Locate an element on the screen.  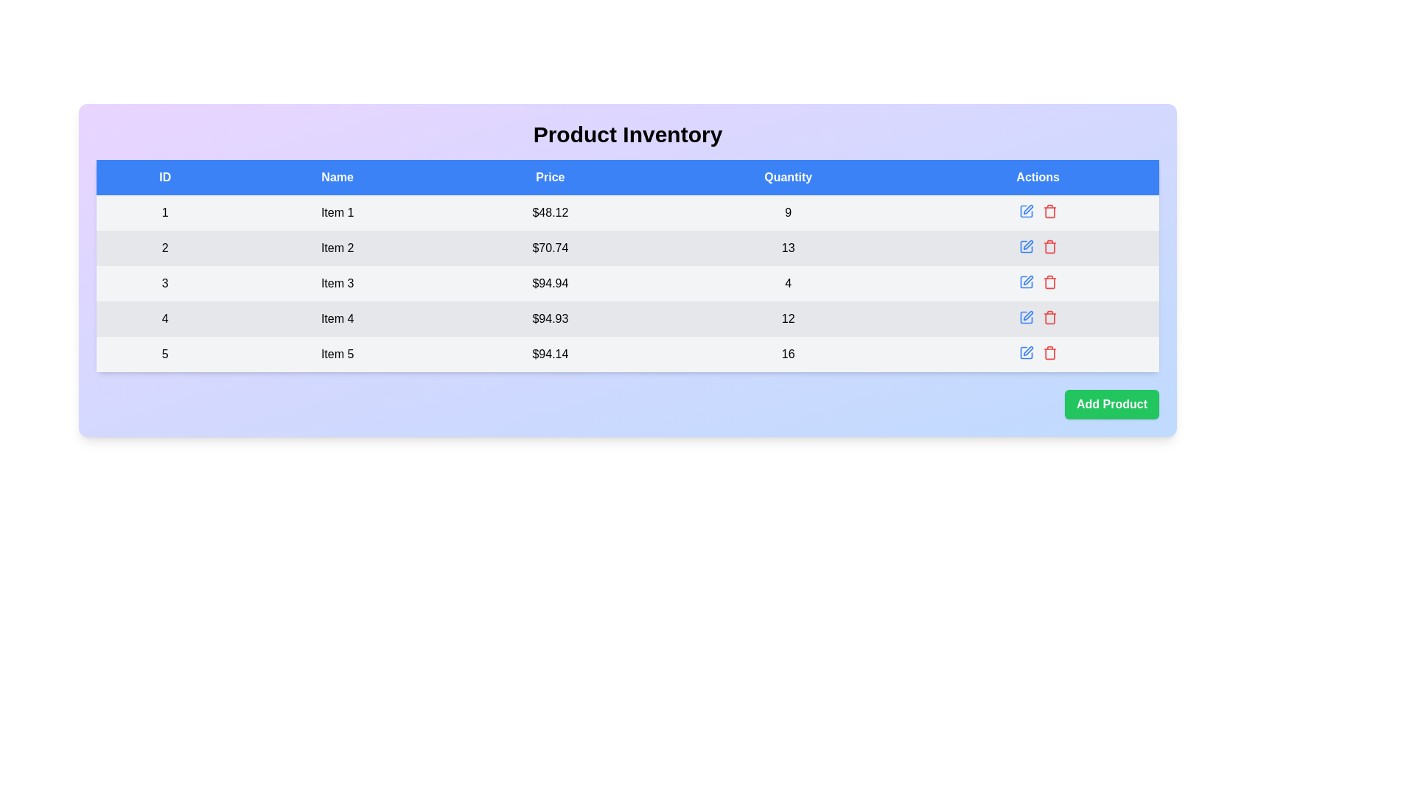
the text display showing the value '$48.12' in the 'Price' column of the data table is located at coordinates (549, 213).